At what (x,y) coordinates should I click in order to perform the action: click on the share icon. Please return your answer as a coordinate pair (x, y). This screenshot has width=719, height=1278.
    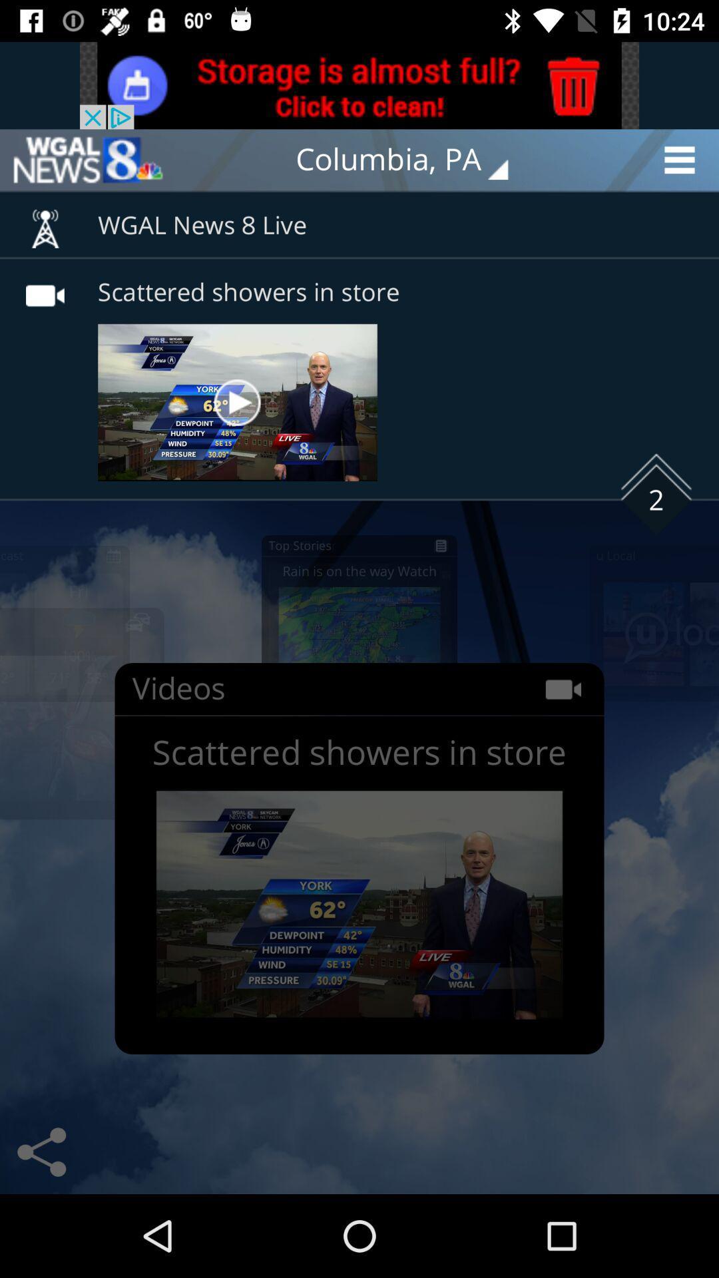
    Looking at the image, I should click on (41, 1152).